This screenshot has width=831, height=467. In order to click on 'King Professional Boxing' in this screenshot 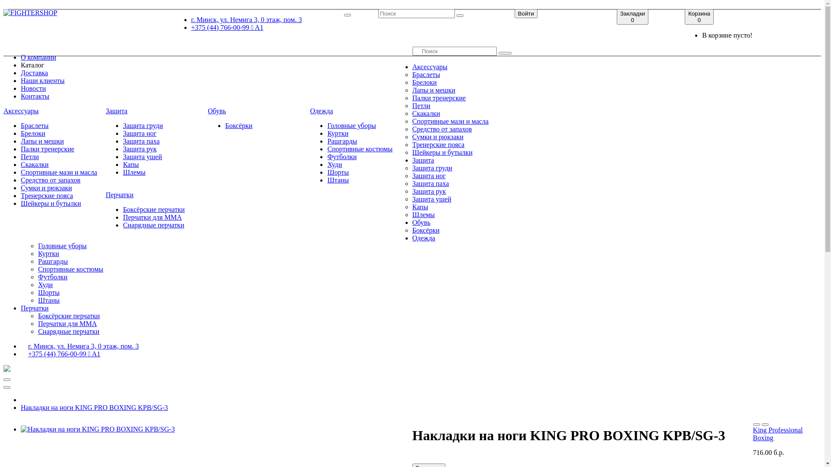, I will do `click(778, 434)`.